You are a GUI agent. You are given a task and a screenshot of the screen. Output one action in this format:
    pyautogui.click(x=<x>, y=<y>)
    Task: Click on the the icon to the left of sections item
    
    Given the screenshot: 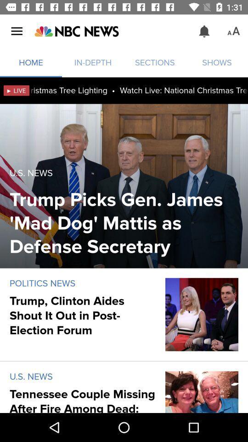 What is the action you would take?
    pyautogui.click(x=76, y=31)
    